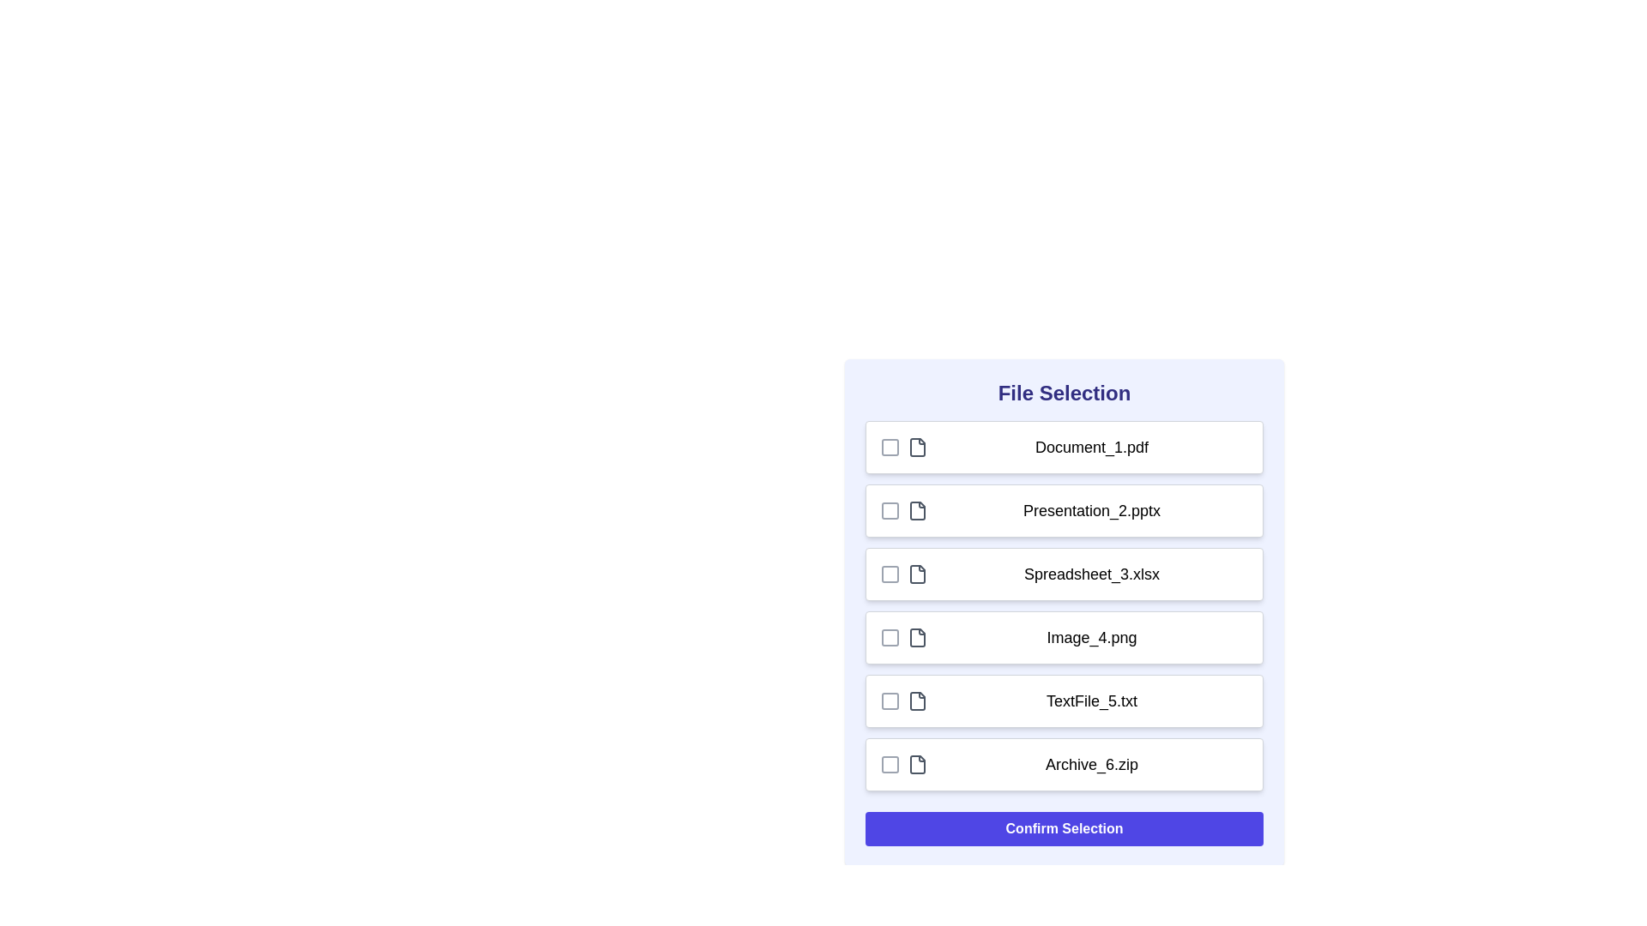 This screenshot has height=926, width=1647. What do you see at coordinates (1064, 510) in the screenshot?
I see `the file row corresponding to Presentation_2.pptx` at bounding box center [1064, 510].